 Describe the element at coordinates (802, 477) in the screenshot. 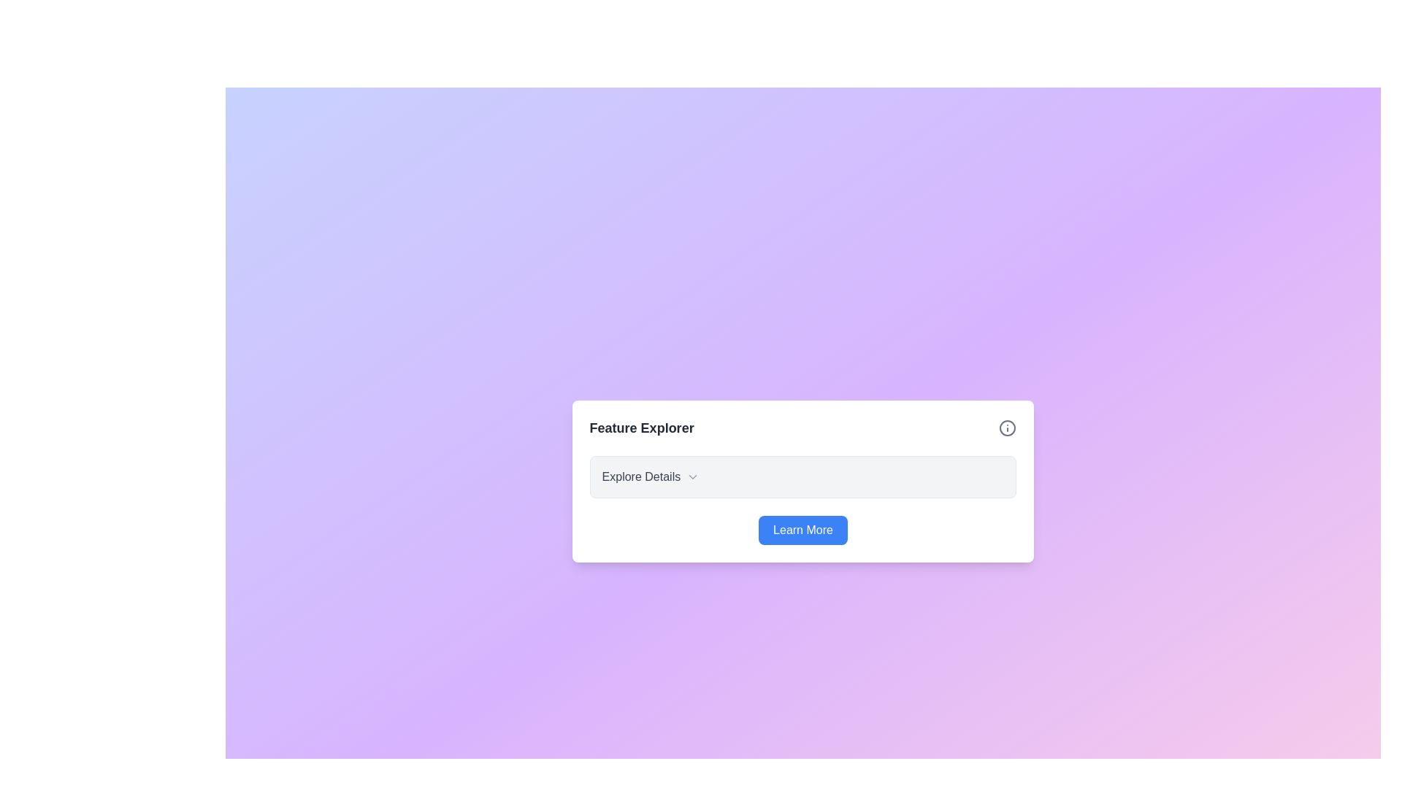

I see `the 'Explore Details' dropdown trigger located within the main card UI component, positioned below the title 'Feature Explorer' and above the 'Learn More' button` at that location.